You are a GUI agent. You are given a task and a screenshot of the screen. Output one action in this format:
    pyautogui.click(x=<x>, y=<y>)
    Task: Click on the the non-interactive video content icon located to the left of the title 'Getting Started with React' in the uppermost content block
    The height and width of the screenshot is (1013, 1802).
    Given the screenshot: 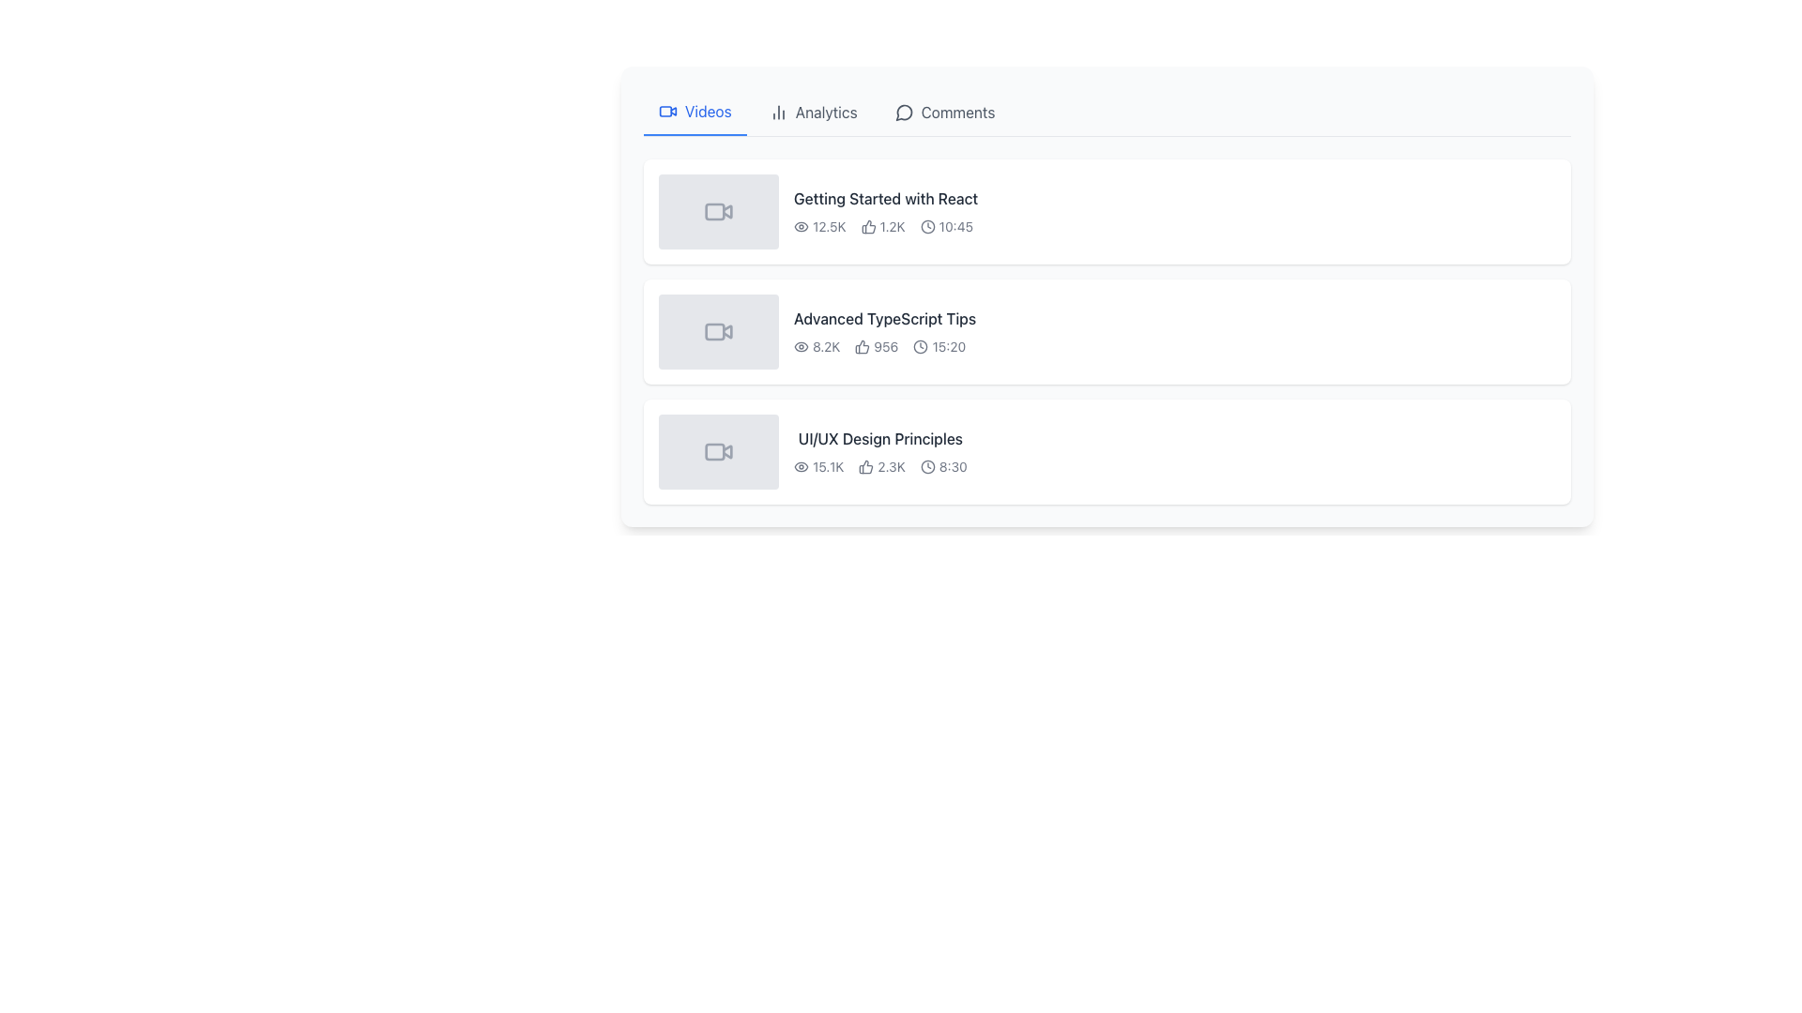 What is the action you would take?
    pyautogui.click(x=718, y=211)
    